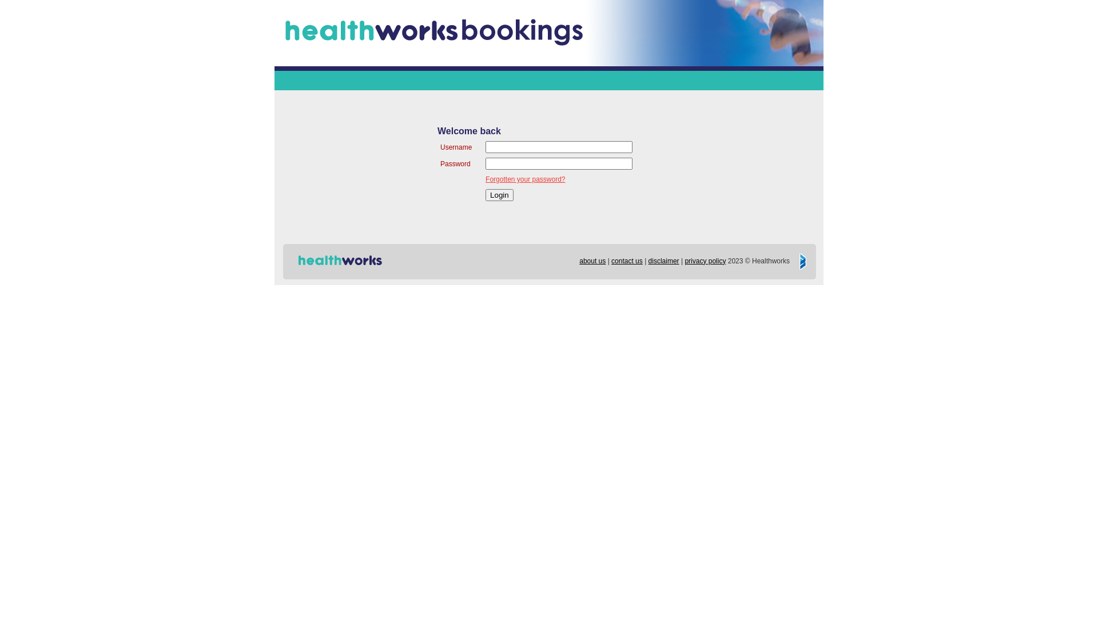 The height and width of the screenshot is (617, 1098). Describe the element at coordinates (499, 194) in the screenshot. I see `'Login'` at that location.